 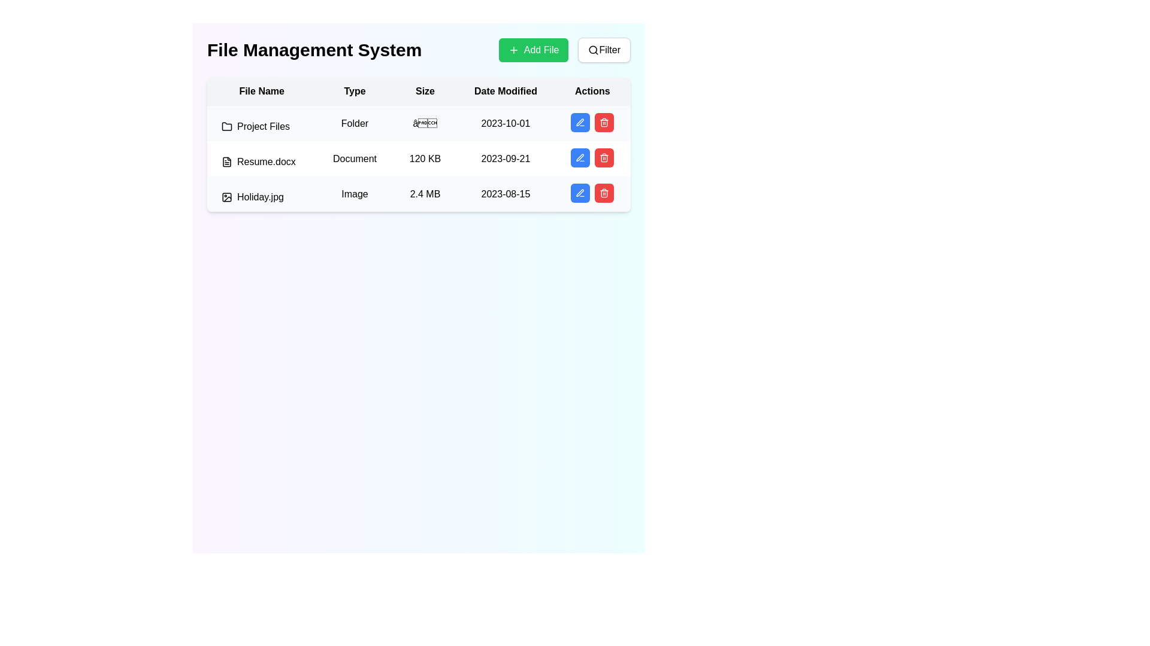 I want to click on the non-interactive descriptive label in the third row and second column of the table that indicates the type of the file, which is adjacent to 'Holiday.jpg' on the left and '2.4 MB' on the right, so click(x=354, y=193).